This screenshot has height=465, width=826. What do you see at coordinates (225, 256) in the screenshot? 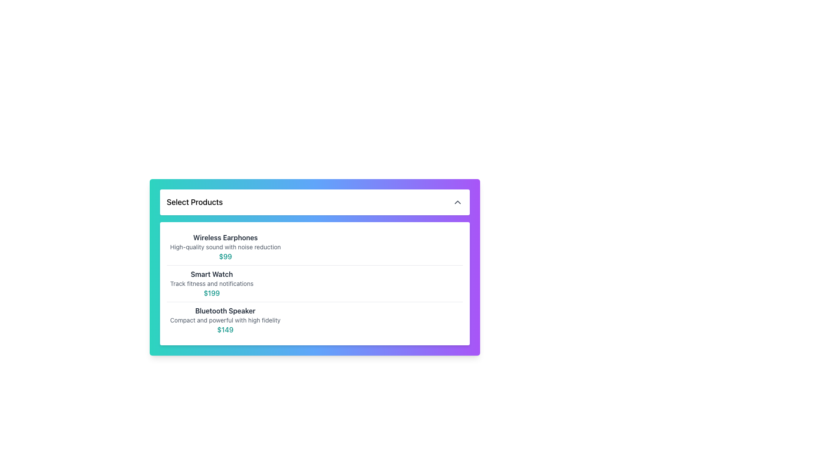
I see `the price text displaying '$99' in a medium teal-colored font, located below the product title 'Wireless Earphones'` at bounding box center [225, 256].